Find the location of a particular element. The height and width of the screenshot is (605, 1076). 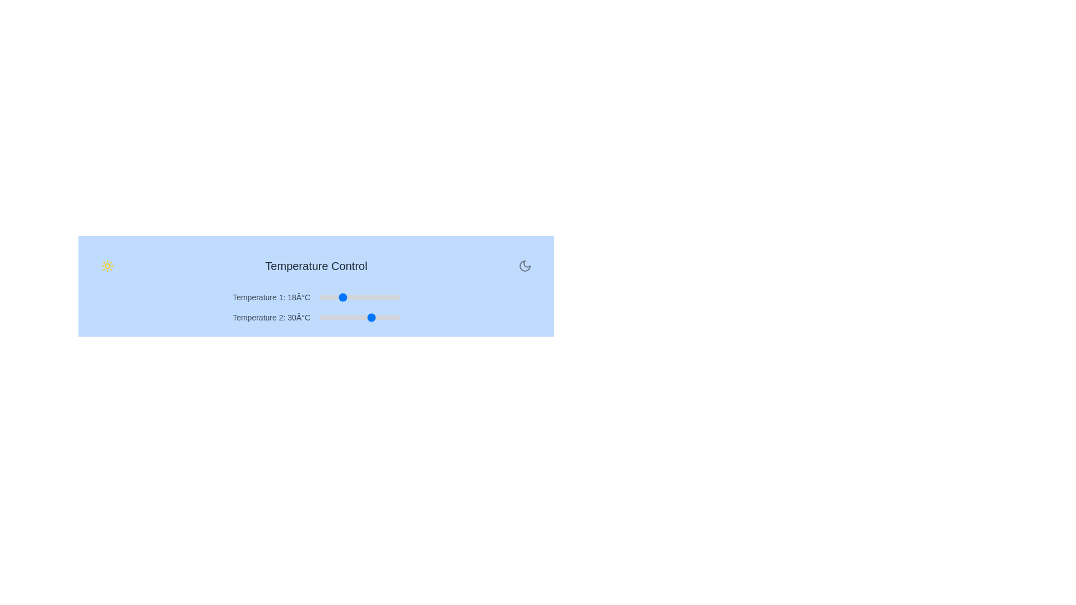

the temperature slider is located at coordinates (375, 318).